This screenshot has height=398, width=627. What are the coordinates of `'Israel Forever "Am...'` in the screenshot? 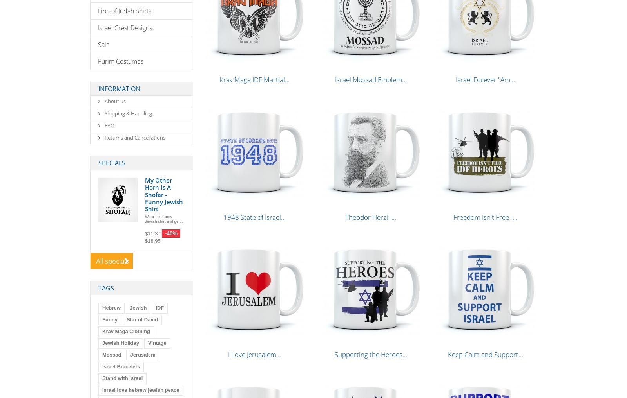 It's located at (485, 79).